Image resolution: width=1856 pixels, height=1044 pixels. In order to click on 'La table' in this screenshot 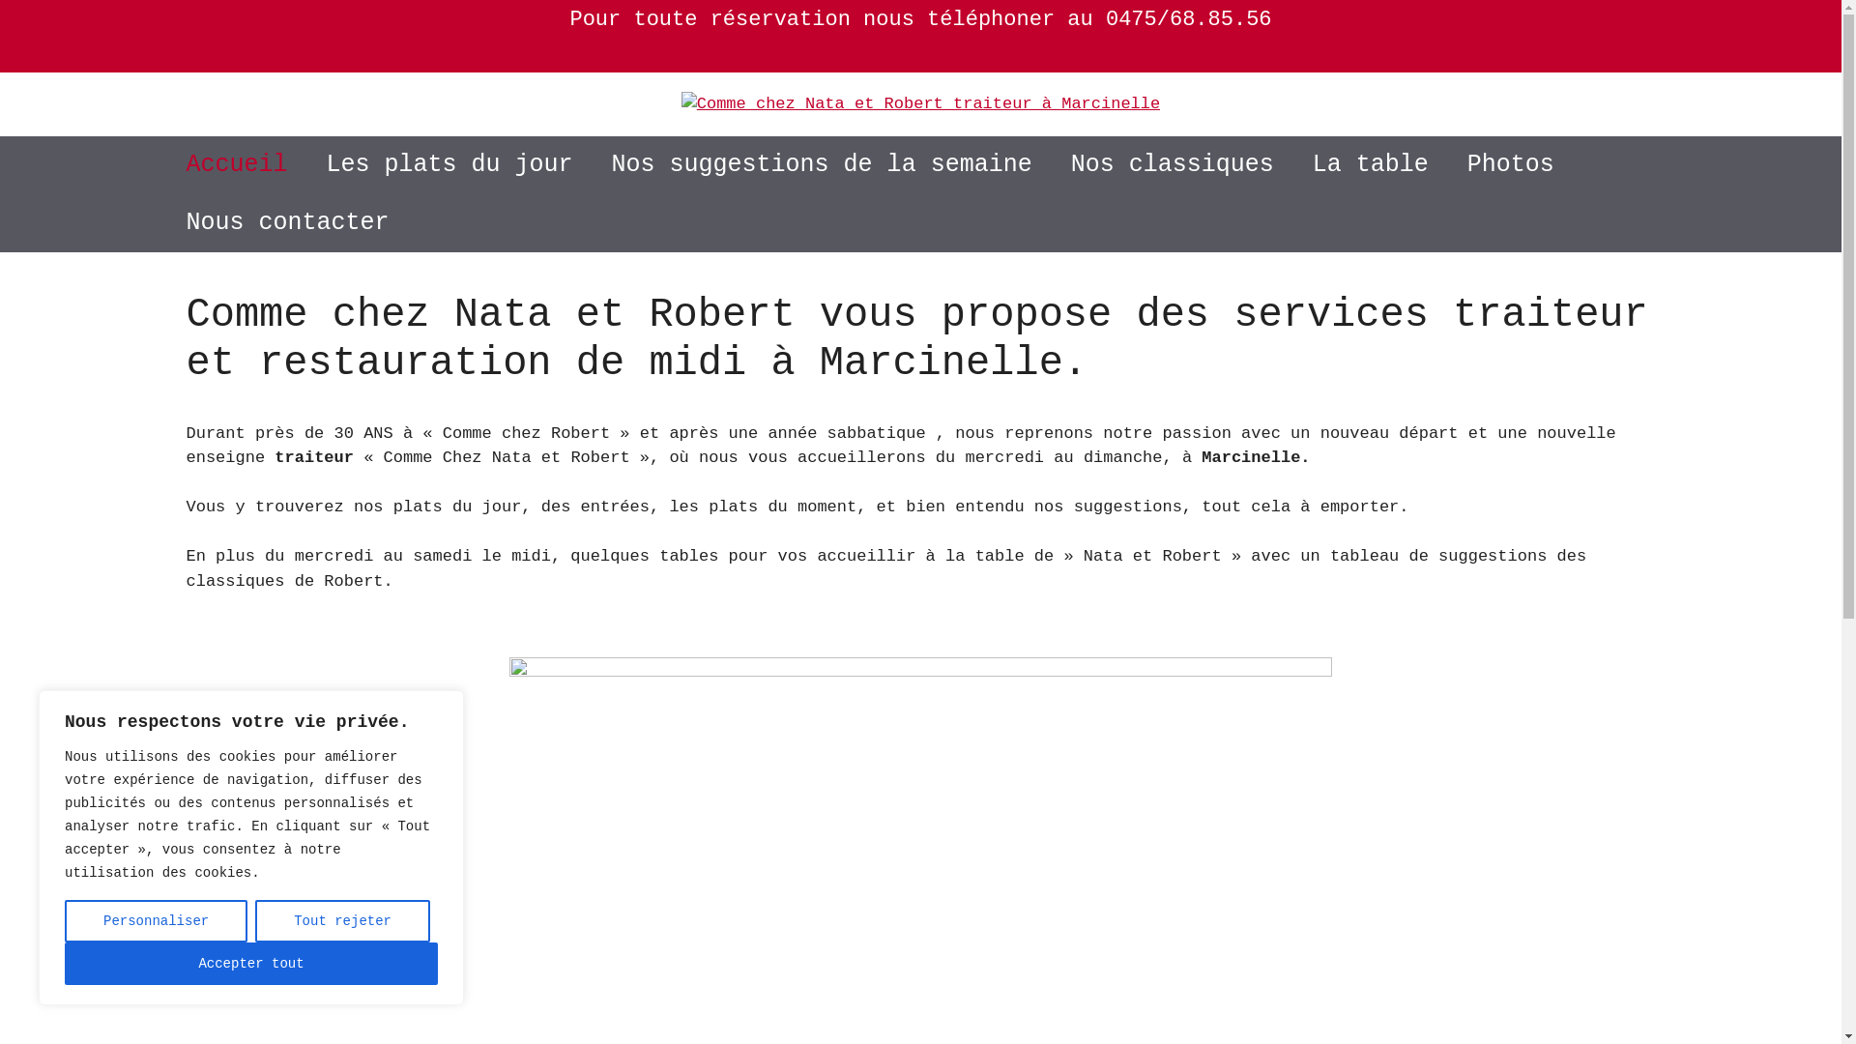, I will do `click(1293, 163)`.